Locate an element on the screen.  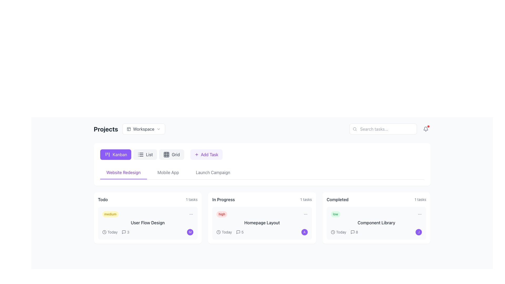
the priority level indicated by the Badge, which is the leftmost component in the row of items at the top of the 'In Progress' card, located directly below the title of the 'Projects' section is located at coordinates (262, 214).